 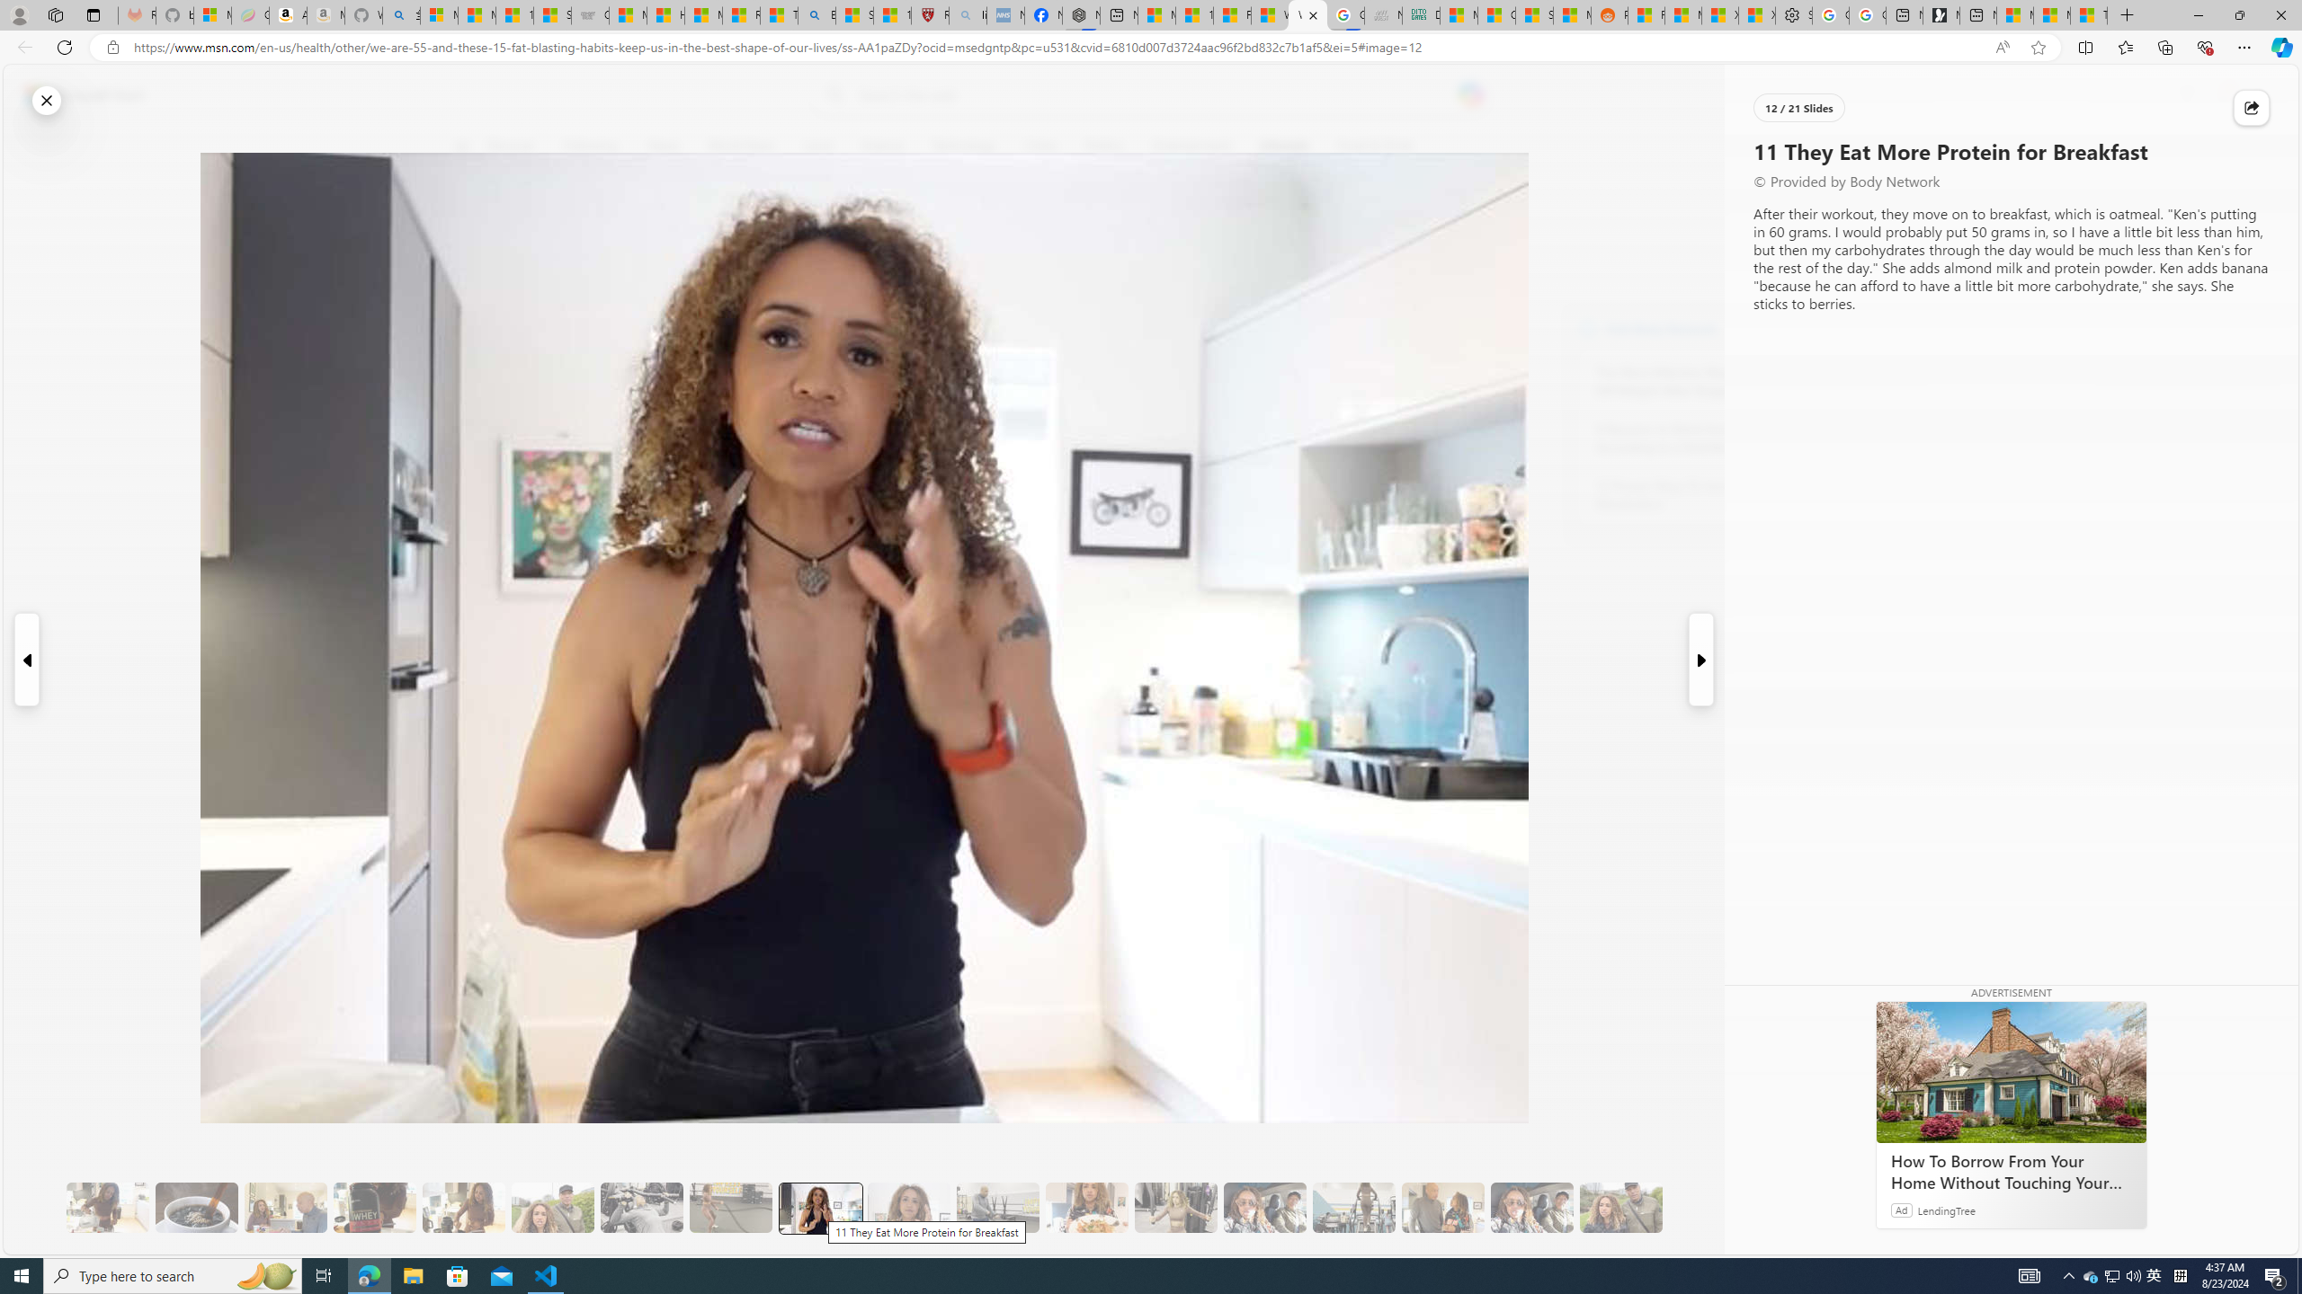 What do you see at coordinates (1619, 1208) in the screenshot?
I see `'20 Overall, It Will Improve Your Health'` at bounding box center [1619, 1208].